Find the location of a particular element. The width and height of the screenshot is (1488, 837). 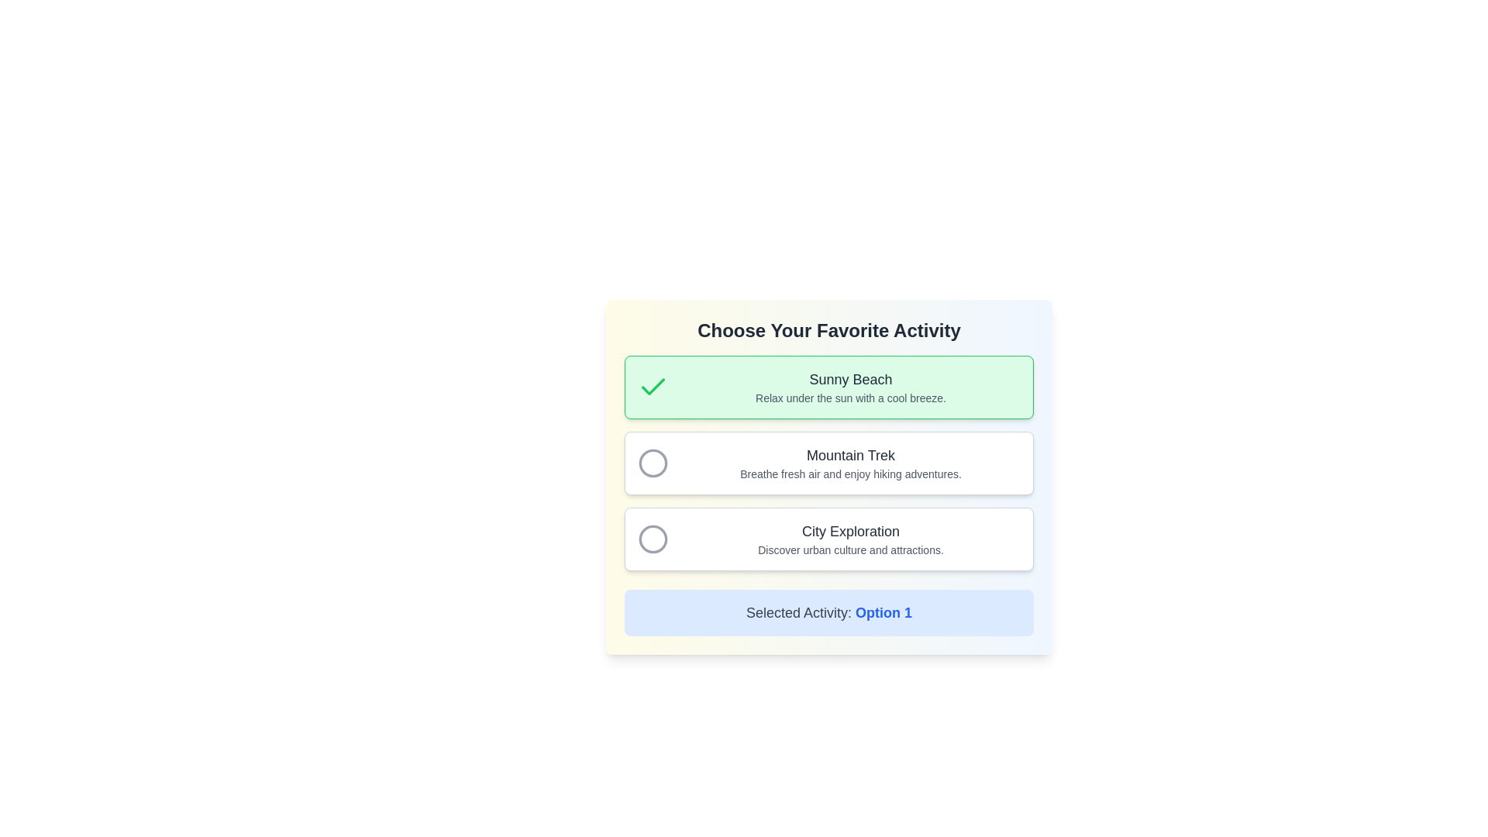

the selectable icon for 'Mountain Trek' is located at coordinates (653, 462).